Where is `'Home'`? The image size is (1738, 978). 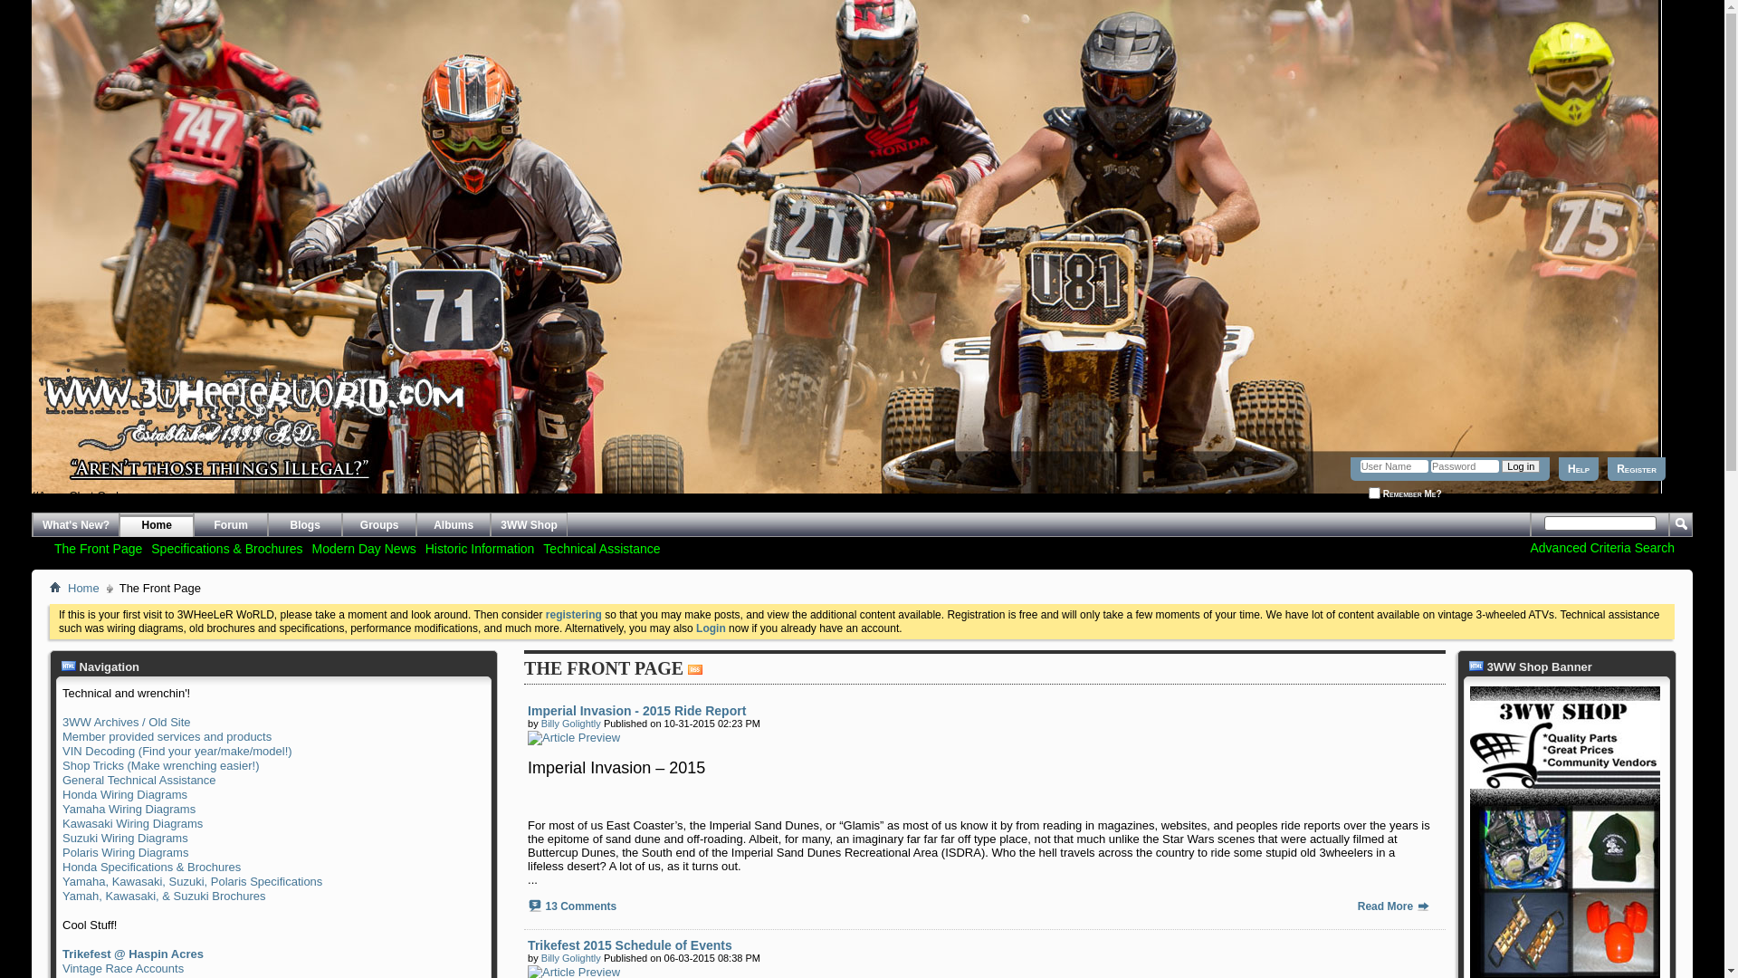 'Home' is located at coordinates (63, 589).